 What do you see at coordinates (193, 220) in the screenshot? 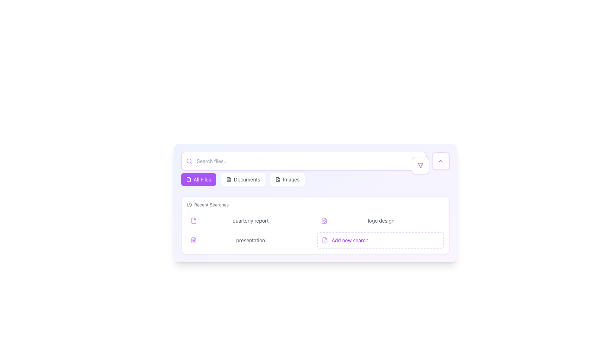
I see `the purple document icon located under the 'Recent Searches' heading, which is the first icon and has a rectangular shape with rounded edges` at bounding box center [193, 220].